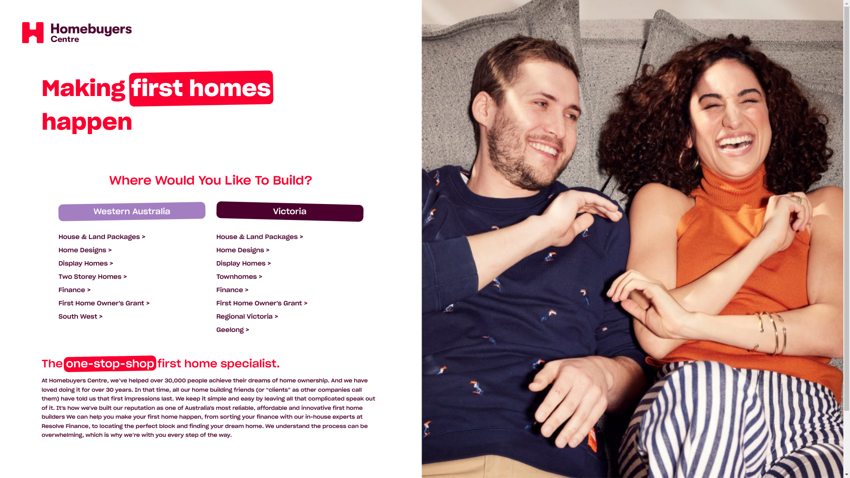 Image resolution: width=850 pixels, height=478 pixels. What do you see at coordinates (85, 262) in the screenshot?
I see `'Display Homes >'` at bounding box center [85, 262].